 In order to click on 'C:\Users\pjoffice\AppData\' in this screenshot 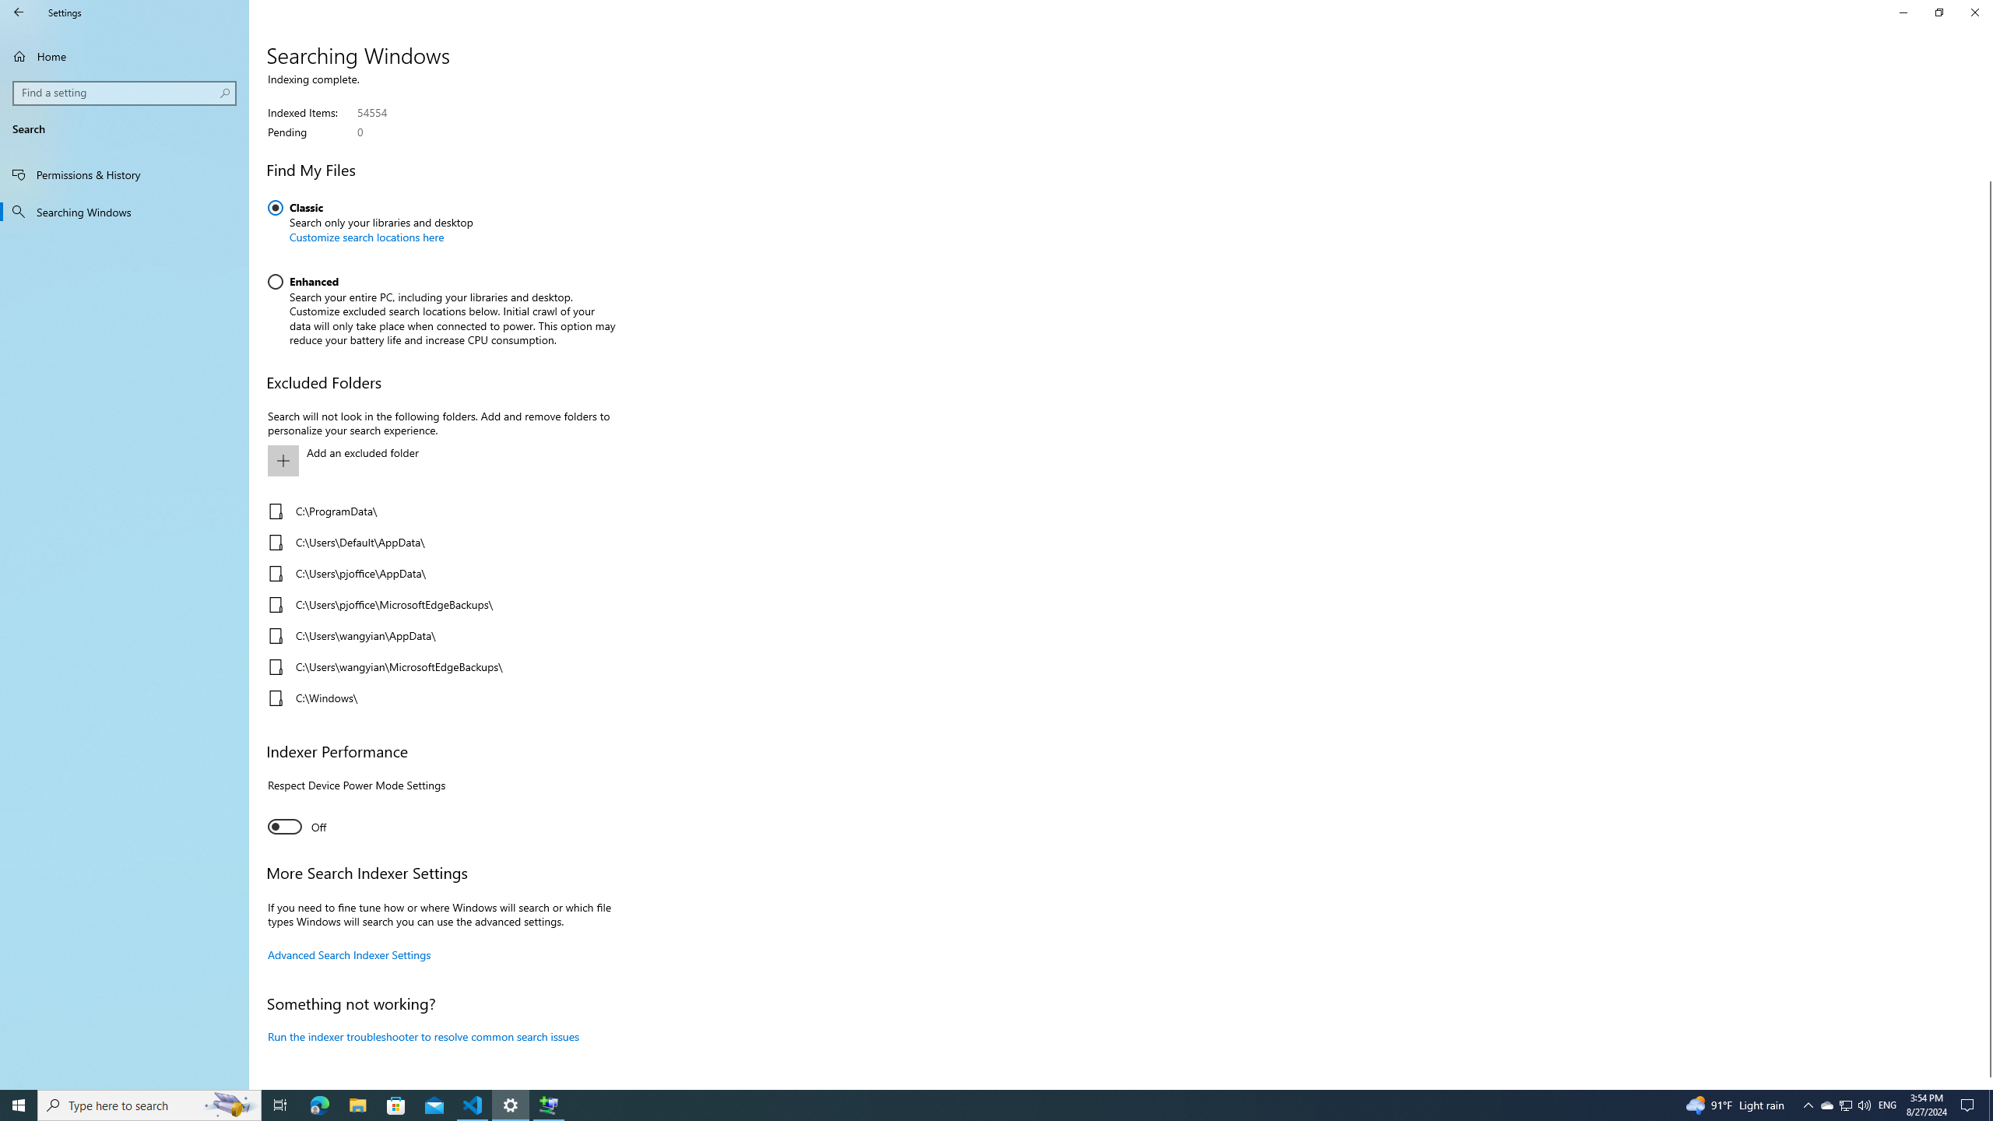, I will do `click(436, 573)`.